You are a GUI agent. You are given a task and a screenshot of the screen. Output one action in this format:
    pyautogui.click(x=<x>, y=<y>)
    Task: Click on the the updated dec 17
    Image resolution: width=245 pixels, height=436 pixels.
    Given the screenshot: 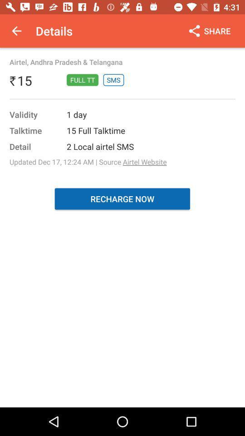 What is the action you would take?
    pyautogui.click(x=88, y=162)
    